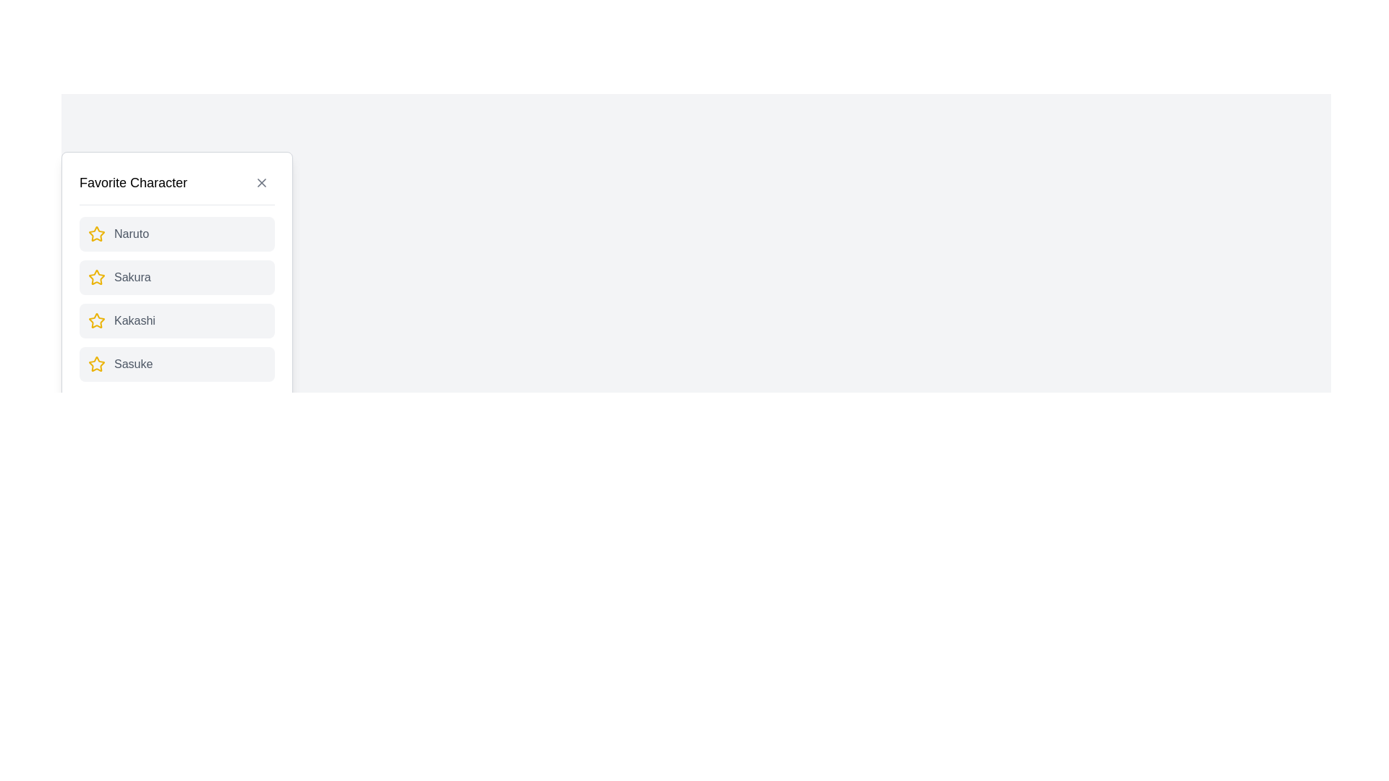 The width and height of the screenshot is (1389, 781). Describe the element at coordinates (96, 363) in the screenshot. I see `the fourth golden star icon with a hollow center, located in the 'Favorite Character' panel next to 'Sasuke'` at that location.